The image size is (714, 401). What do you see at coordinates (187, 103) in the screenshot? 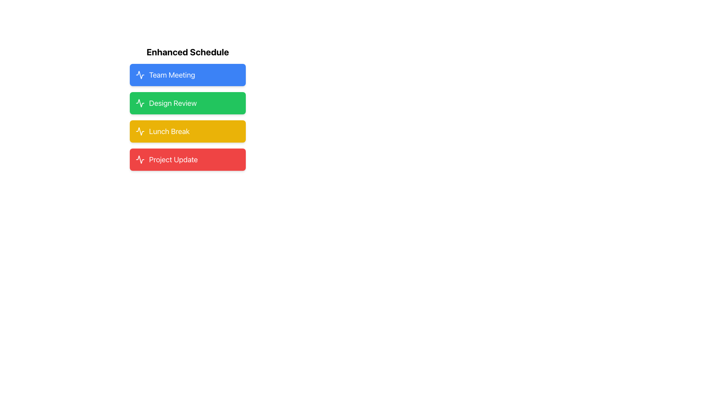
I see `the second button in the vertical list, located below the 'Team Meeting' button and above the 'Lunch Break' button` at bounding box center [187, 103].